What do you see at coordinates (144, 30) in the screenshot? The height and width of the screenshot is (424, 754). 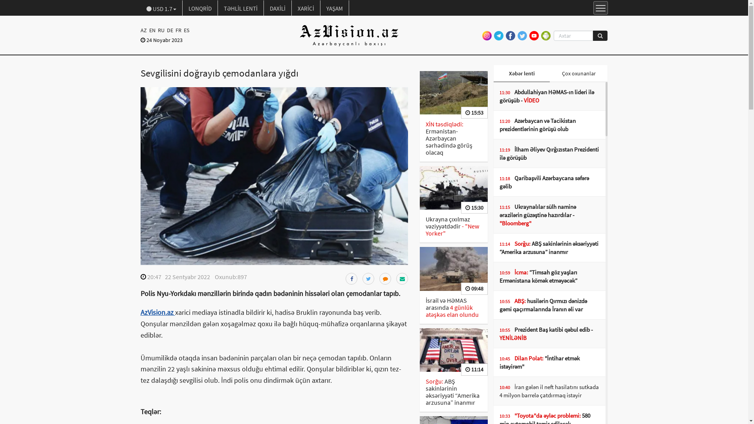 I see `'AZ'` at bounding box center [144, 30].